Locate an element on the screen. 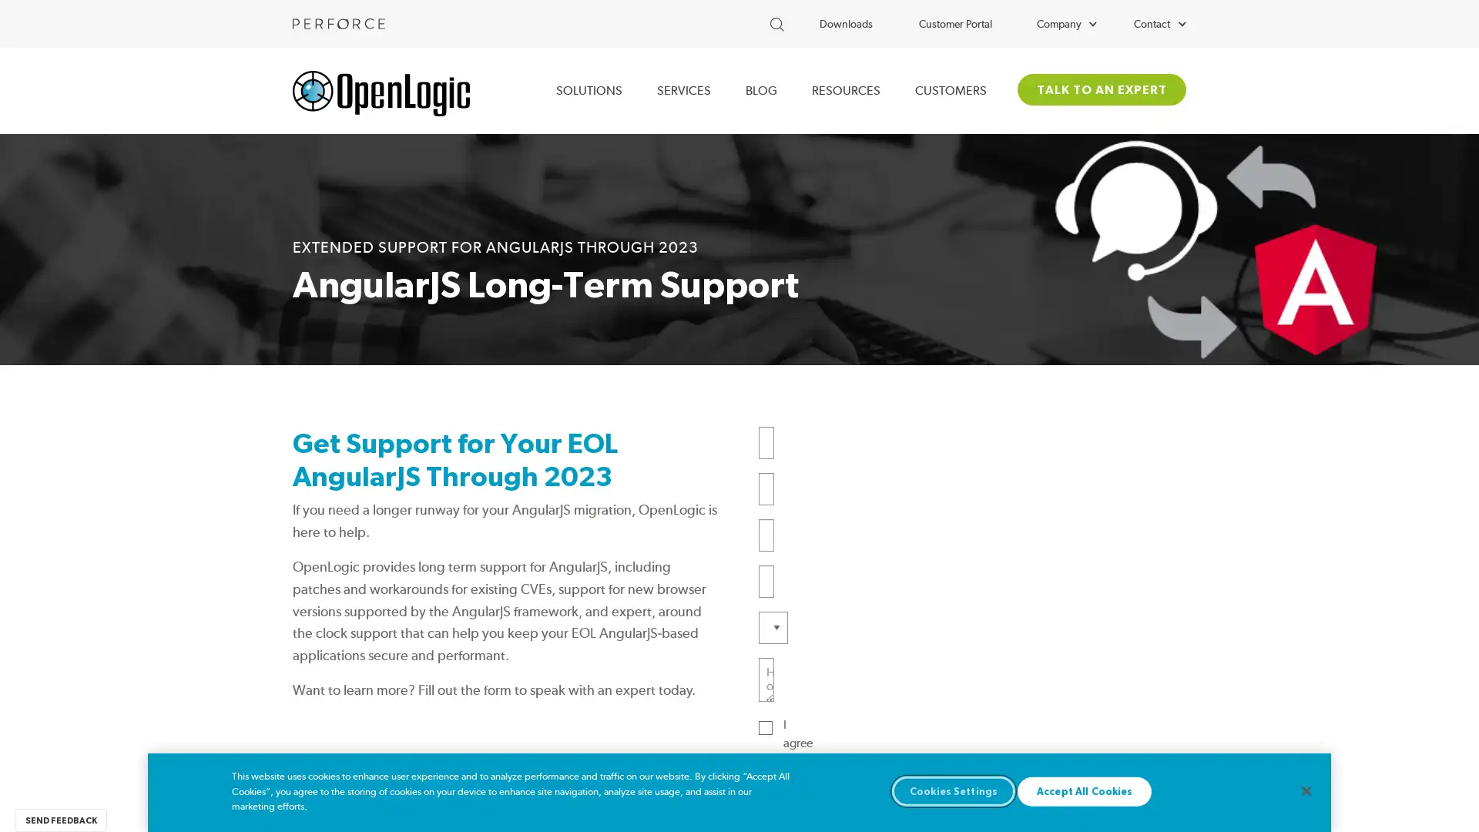  Cookies Settings is located at coordinates (953, 790).